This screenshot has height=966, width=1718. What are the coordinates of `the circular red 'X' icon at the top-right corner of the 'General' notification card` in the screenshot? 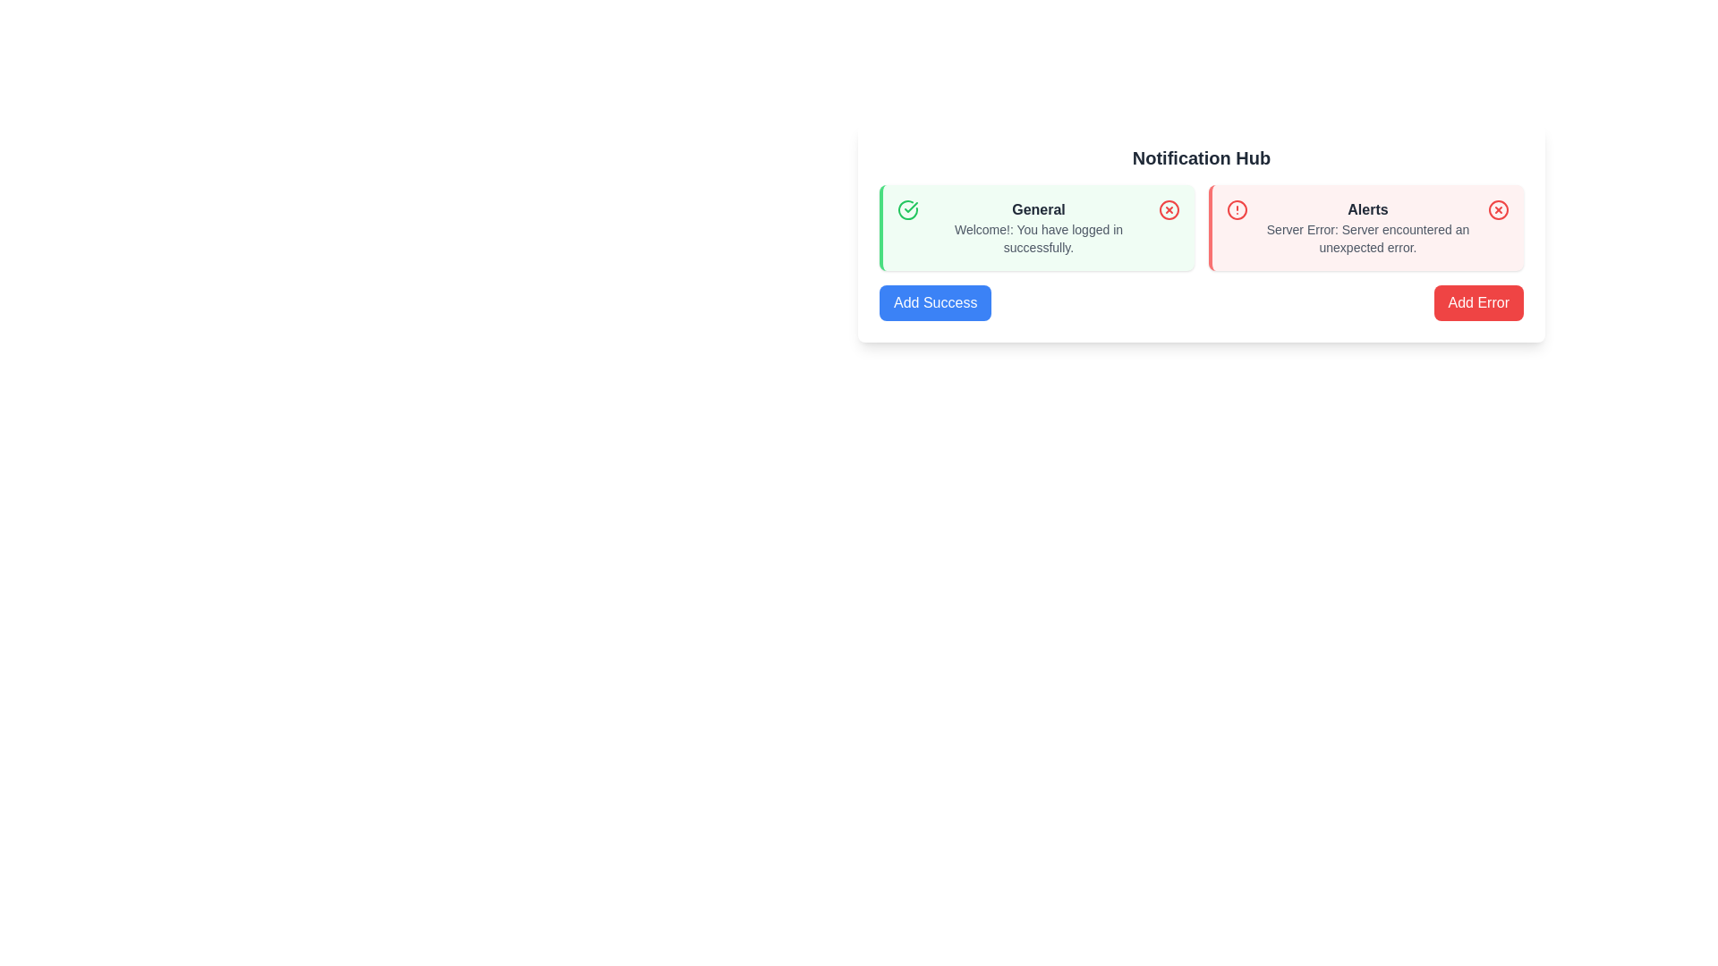 It's located at (1169, 209).